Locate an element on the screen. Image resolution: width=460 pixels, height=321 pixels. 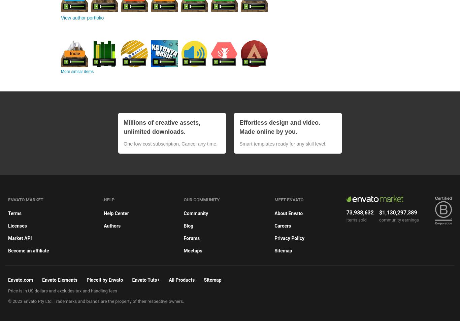
'Envato Tuts+' is located at coordinates (145, 279).